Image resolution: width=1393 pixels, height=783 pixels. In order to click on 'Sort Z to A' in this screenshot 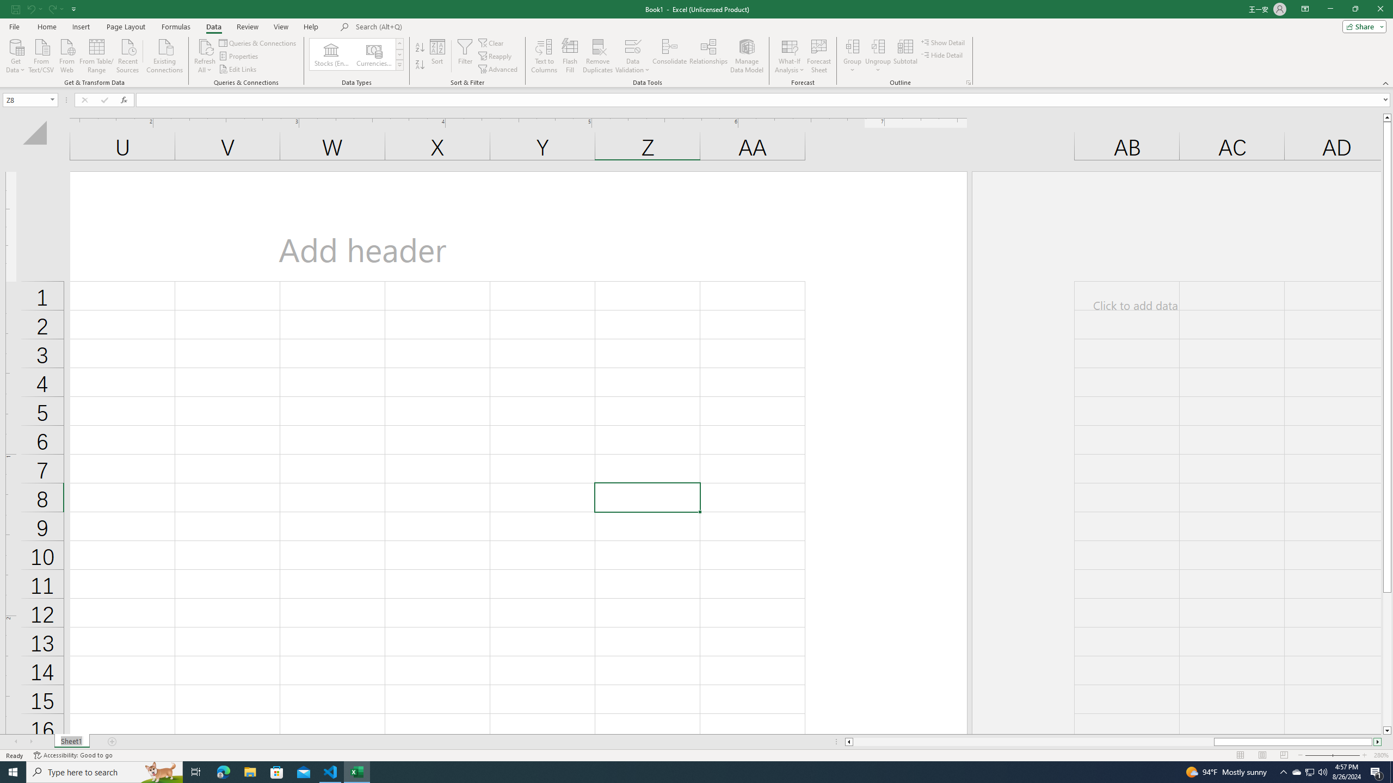, I will do `click(419, 64)`.